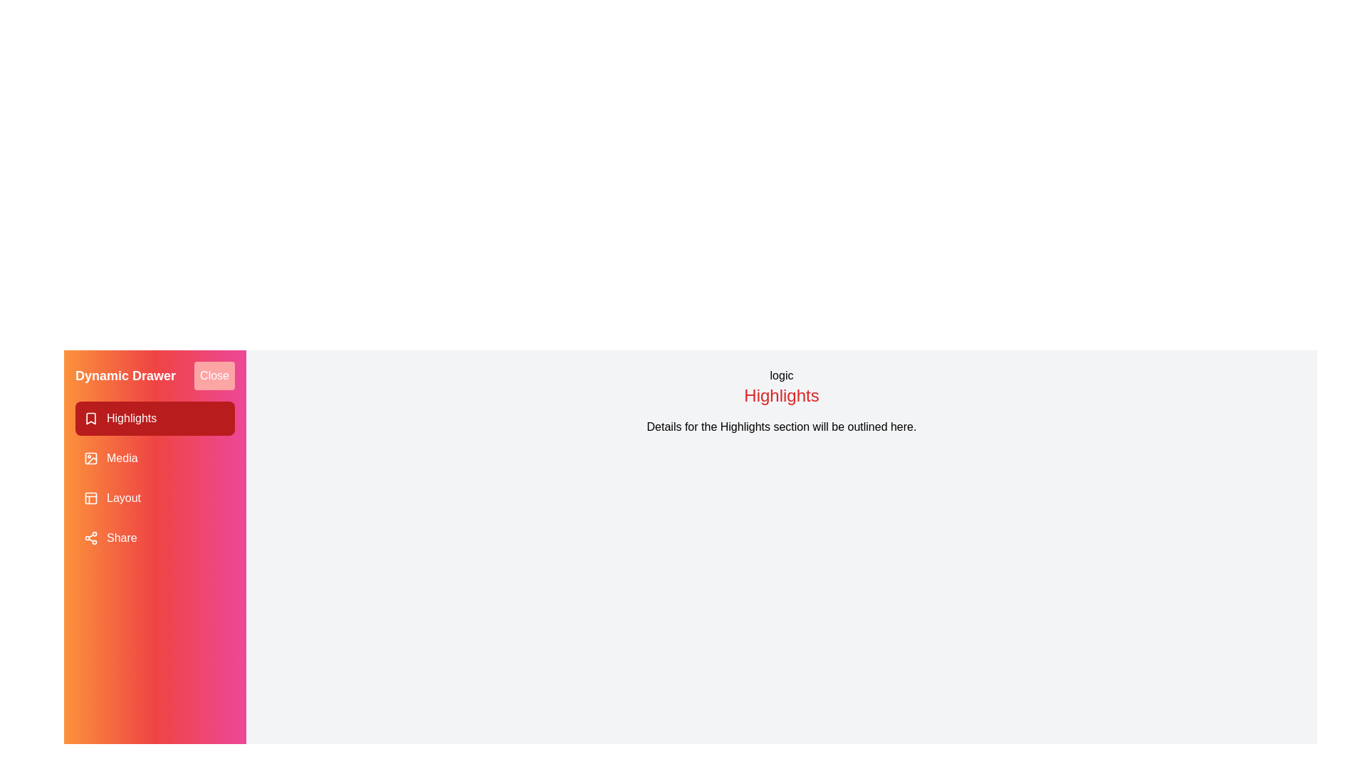 Image resolution: width=1367 pixels, height=769 pixels. I want to click on the drawer item corresponding to Media, so click(154, 459).